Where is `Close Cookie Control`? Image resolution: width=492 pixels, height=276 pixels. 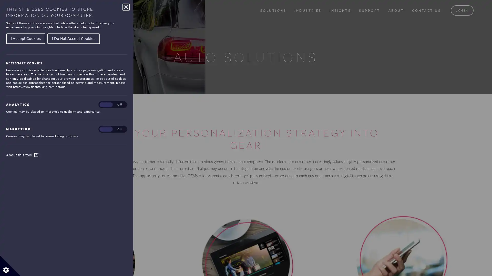
Close Cookie Control is located at coordinates (126, 7).